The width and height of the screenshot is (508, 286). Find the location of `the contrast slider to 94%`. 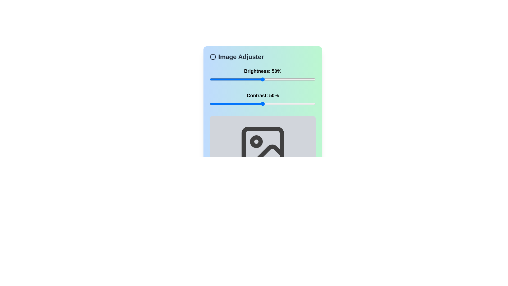

the contrast slider to 94% is located at coordinates (309, 104).